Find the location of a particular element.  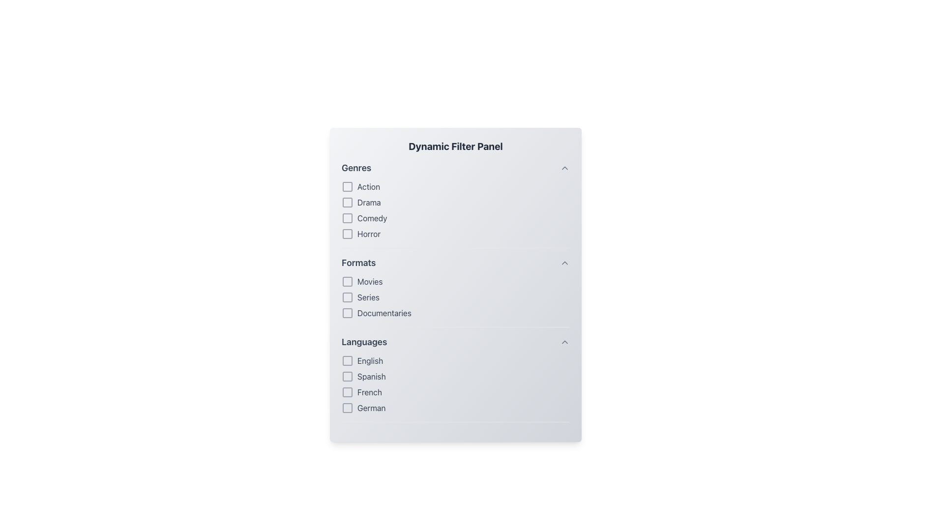

the checkbox for the 'English' language option is located at coordinates (347, 360).